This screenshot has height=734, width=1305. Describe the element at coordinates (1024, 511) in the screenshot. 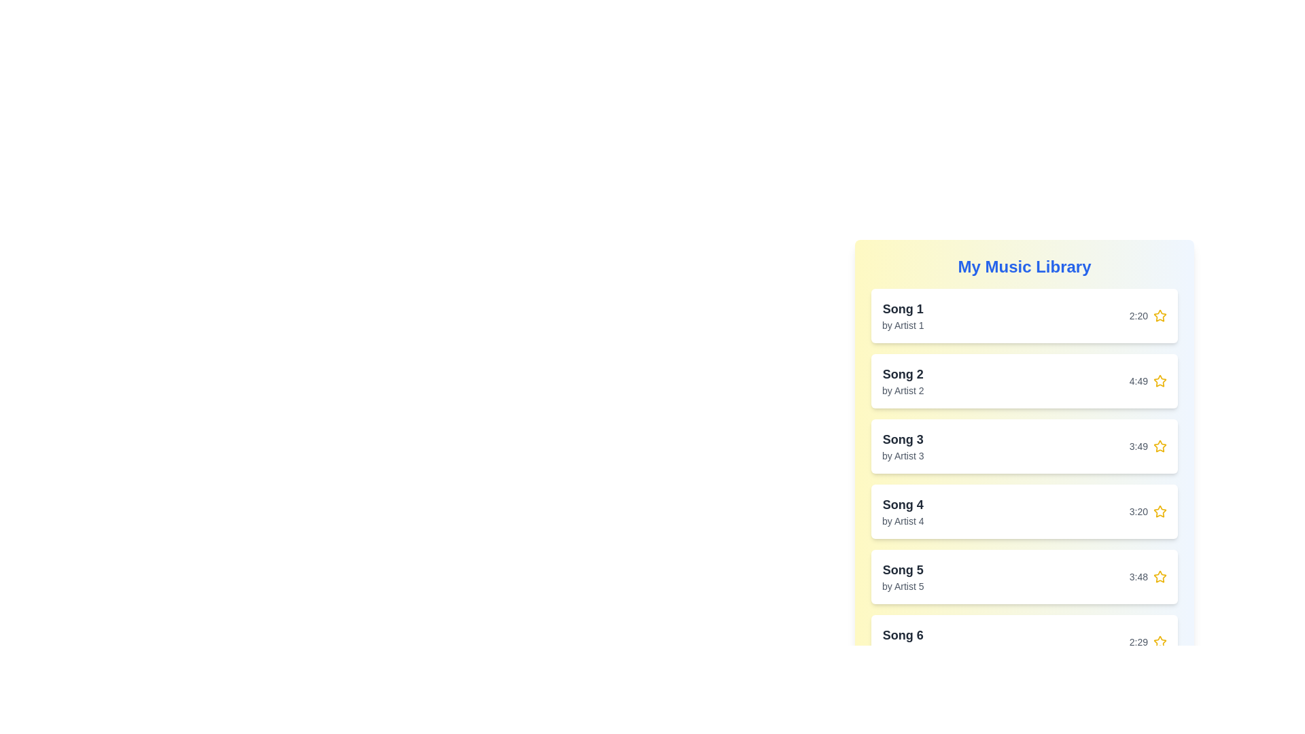

I see `text of the fourth card in the 'My Music Library' list, which contains 'Song 4 by Artist 4' and the duration '3:20'` at that location.